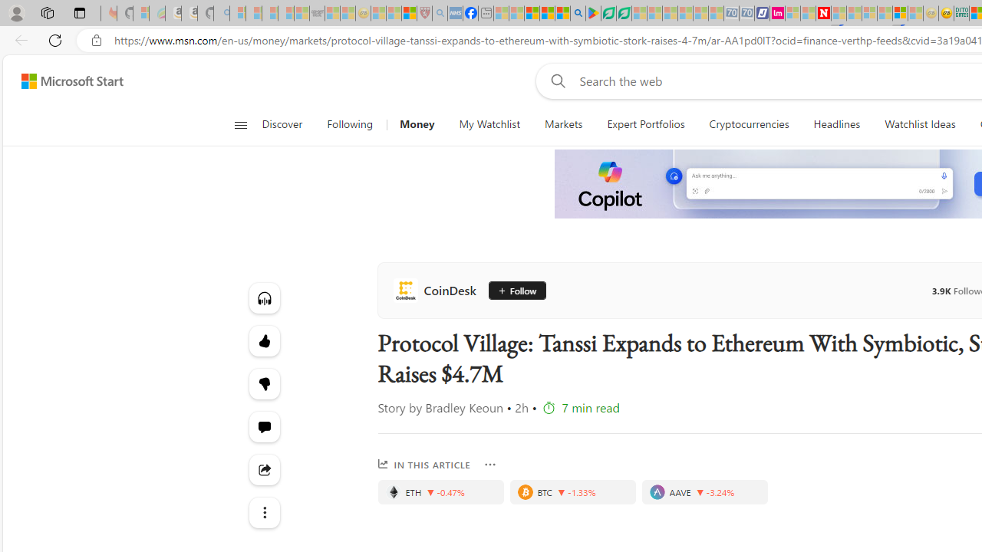 This screenshot has height=552, width=982. What do you see at coordinates (822, 13) in the screenshot?
I see `'Latest Politics News & Archive | Newsweek.com'` at bounding box center [822, 13].